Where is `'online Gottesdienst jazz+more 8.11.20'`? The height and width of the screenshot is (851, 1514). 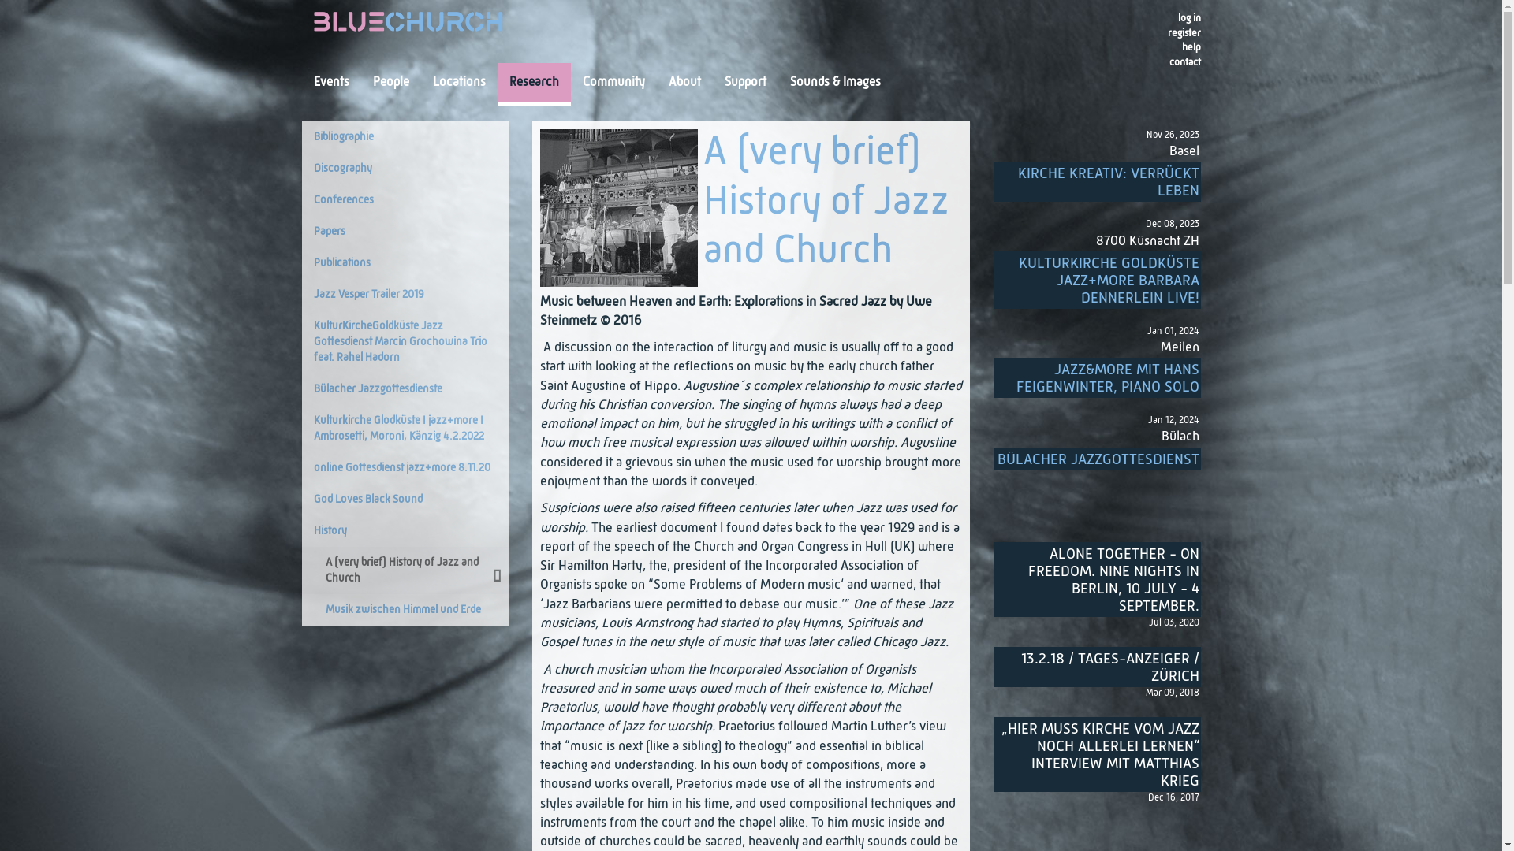 'online Gottesdienst jazz+more 8.11.20' is located at coordinates (405, 467).